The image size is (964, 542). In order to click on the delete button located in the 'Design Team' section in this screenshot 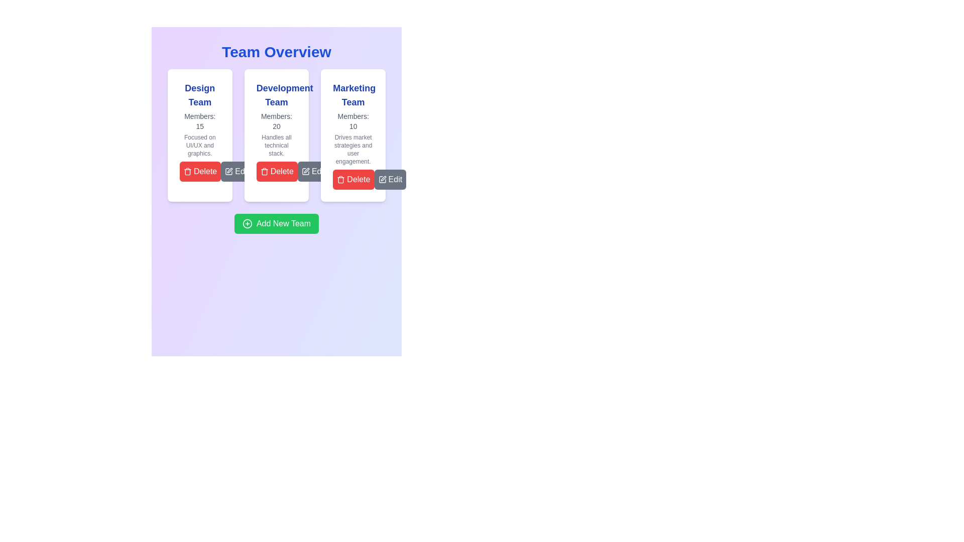, I will do `click(200, 171)`.